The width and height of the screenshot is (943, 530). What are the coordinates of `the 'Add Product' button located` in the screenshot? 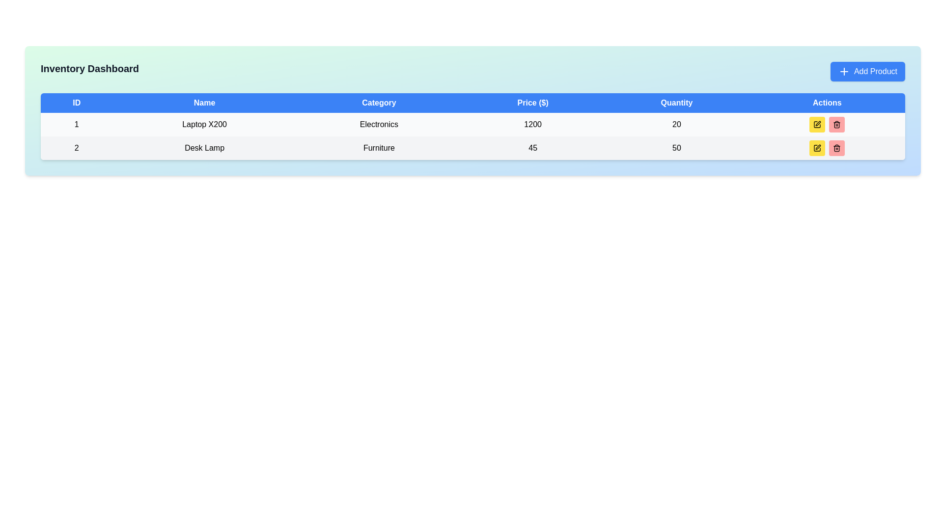 It's located at (867, 71).